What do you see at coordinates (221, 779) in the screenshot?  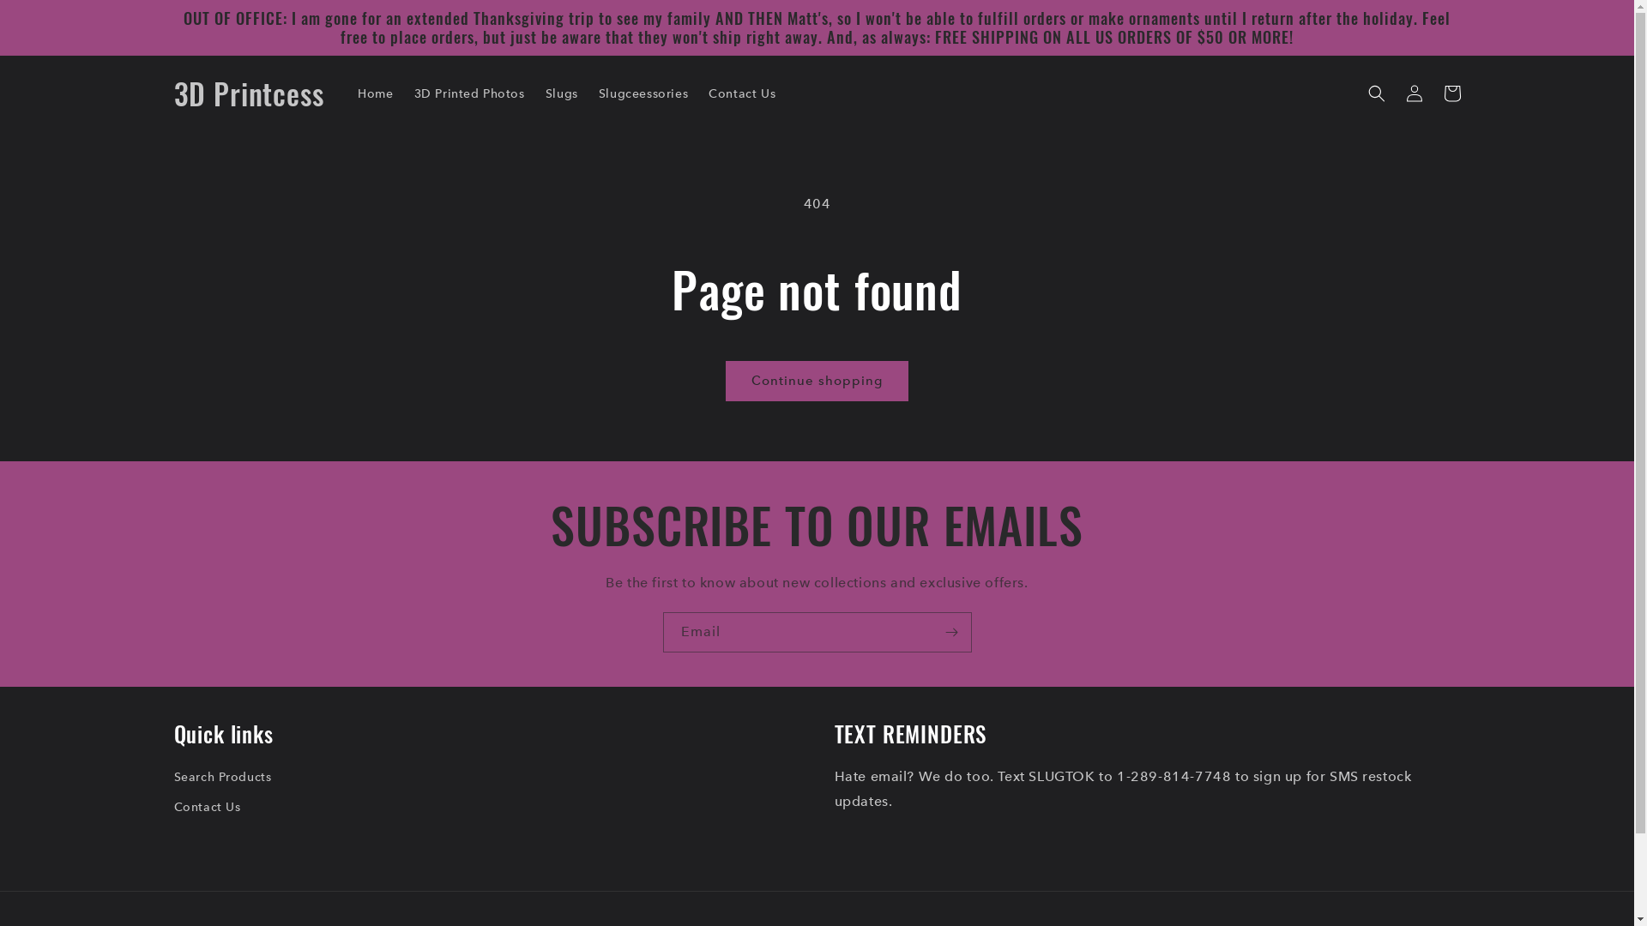 I see `'Search Products'` at bounding box center [221, 779].